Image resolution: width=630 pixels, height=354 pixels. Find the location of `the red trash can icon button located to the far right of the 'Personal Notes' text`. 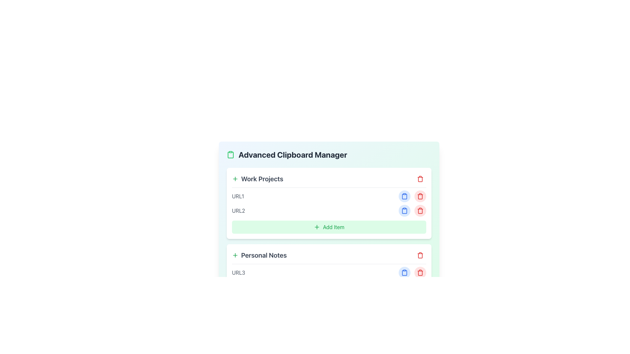

the red trash can icon button located to the far right of the 'Personal Notes' text is located at coordinates (420, 255).